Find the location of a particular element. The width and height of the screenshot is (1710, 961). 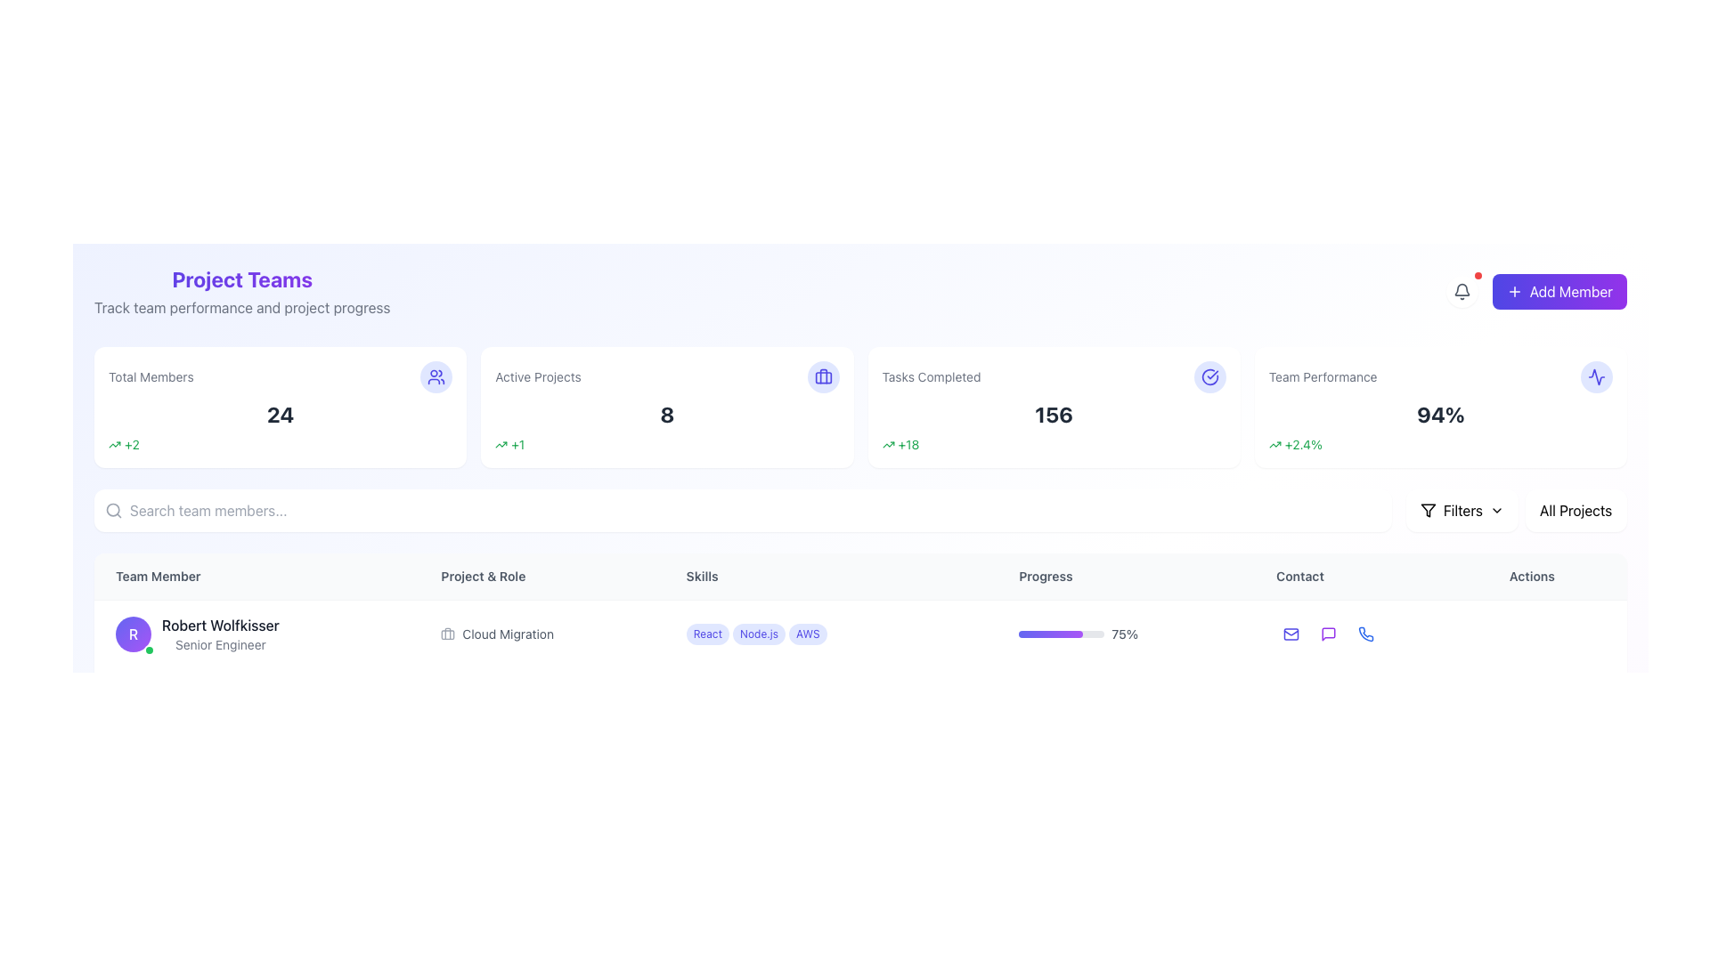

the hollow rectangular graphical component within the outlined briefcase icon located at the top-right corner of the interface is located at coordinates (822, 376).